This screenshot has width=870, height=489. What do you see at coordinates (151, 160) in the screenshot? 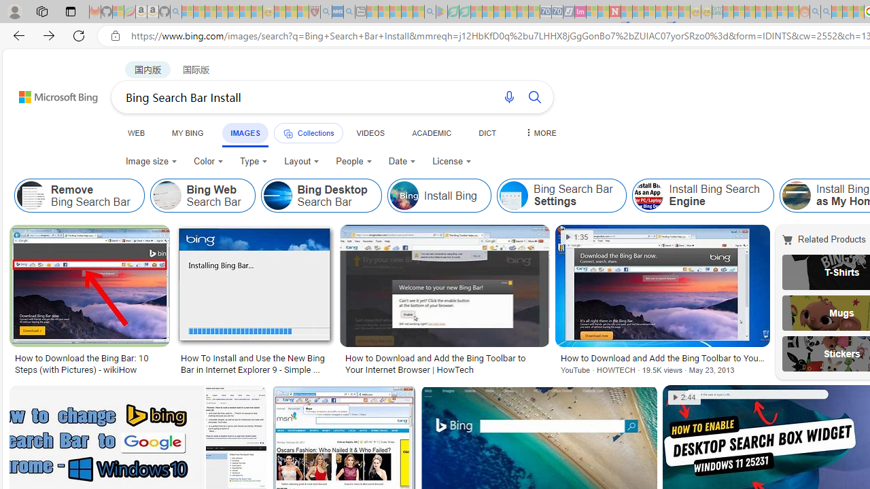
I see `'Image size'` at bounding box center [151, 160].